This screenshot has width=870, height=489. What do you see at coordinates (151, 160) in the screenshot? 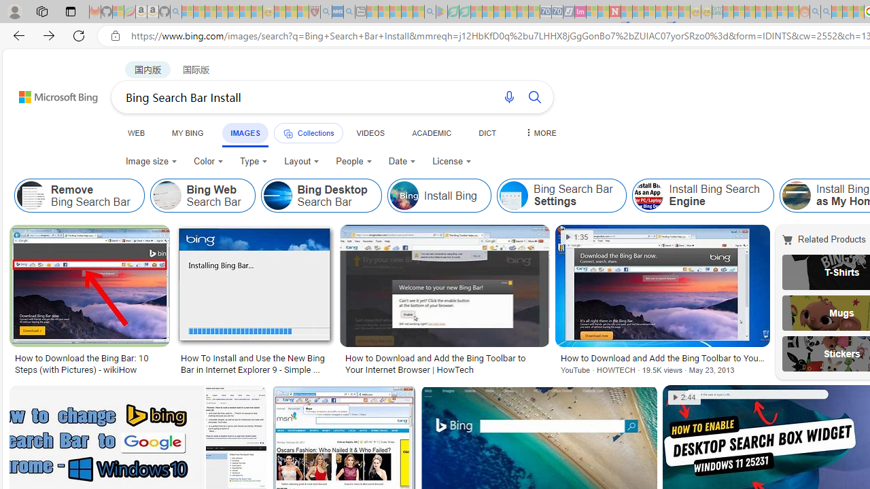
I see `'Image size'` at bounding box center [151, 160].